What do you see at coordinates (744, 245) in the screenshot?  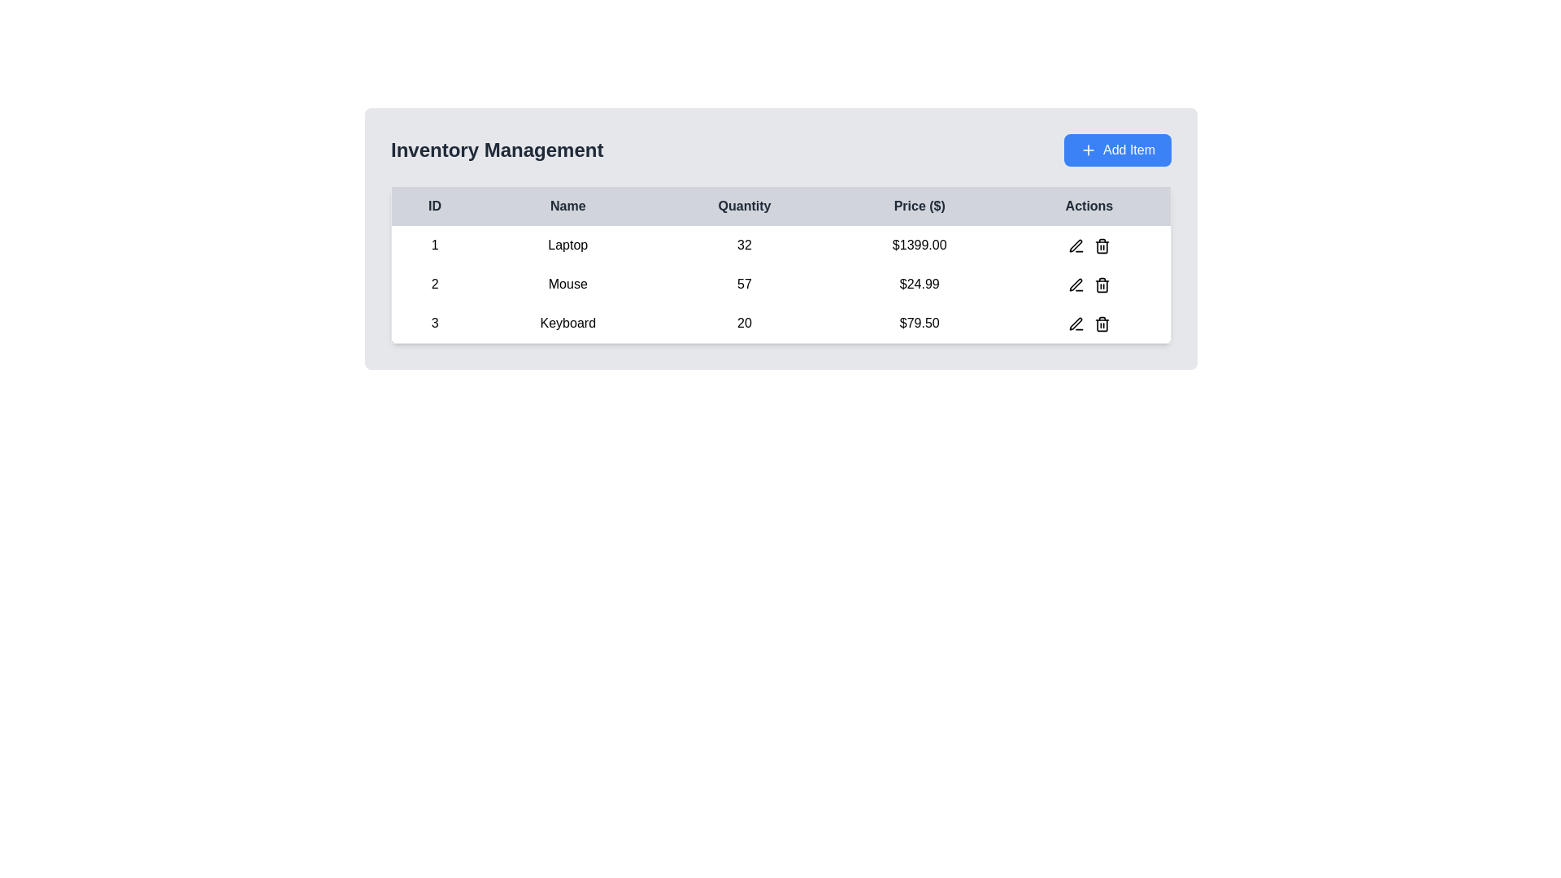 I see `the text label displaying the number '32' located in the third column of the first row under the 'Quantity' header in the table` at bounding box center [744, 245].